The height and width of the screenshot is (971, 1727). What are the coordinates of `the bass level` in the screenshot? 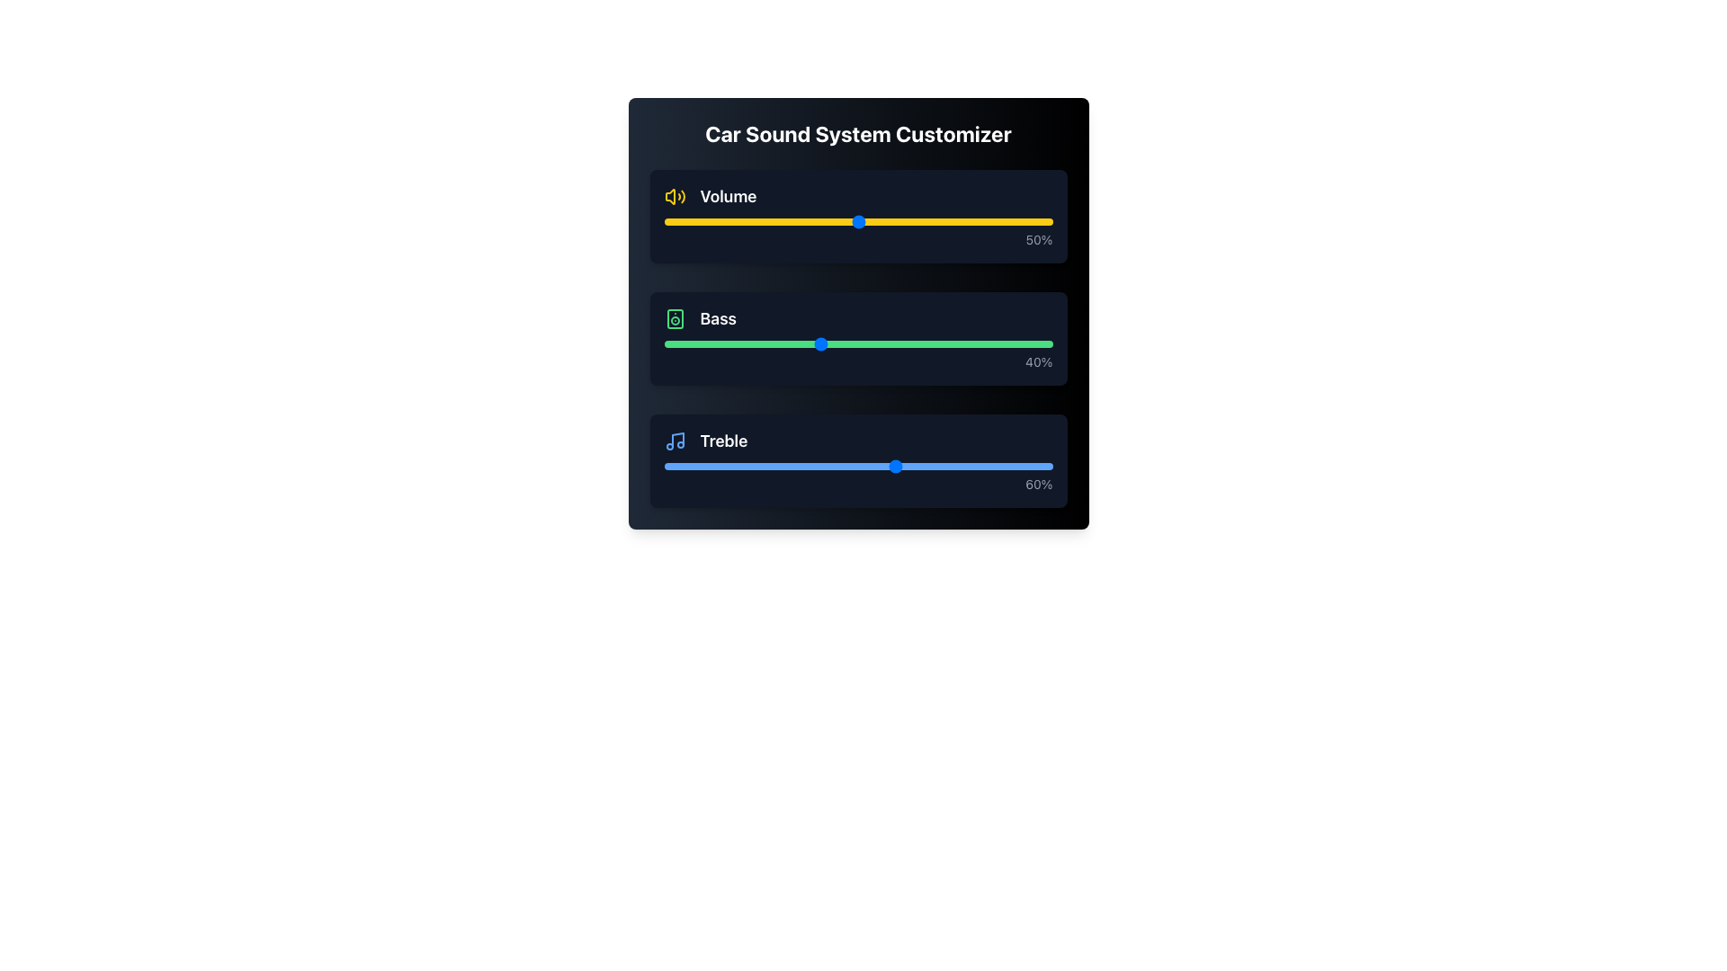 It's located at (765, 343).